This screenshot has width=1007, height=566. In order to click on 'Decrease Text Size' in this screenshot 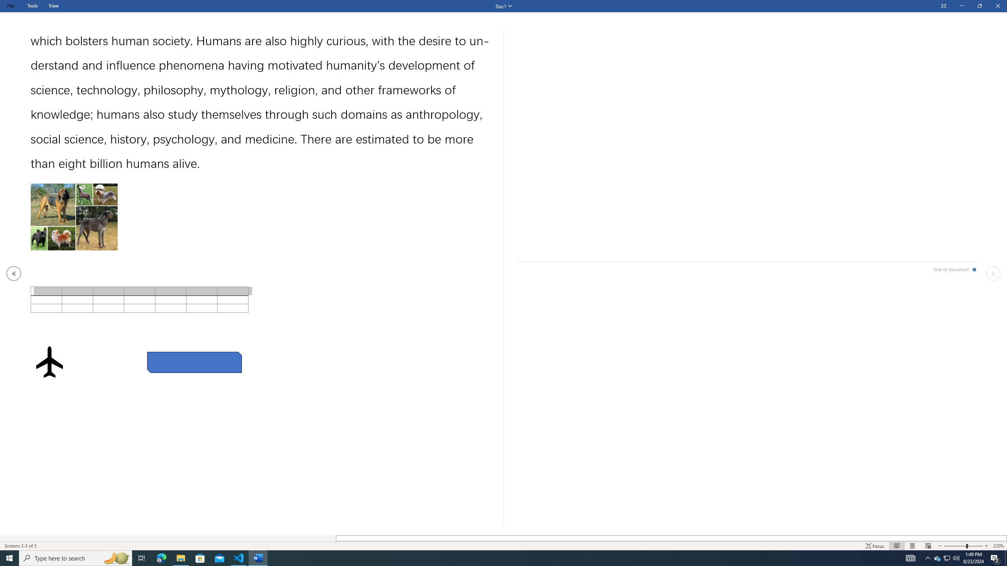, I will do `click(939, 546)`.